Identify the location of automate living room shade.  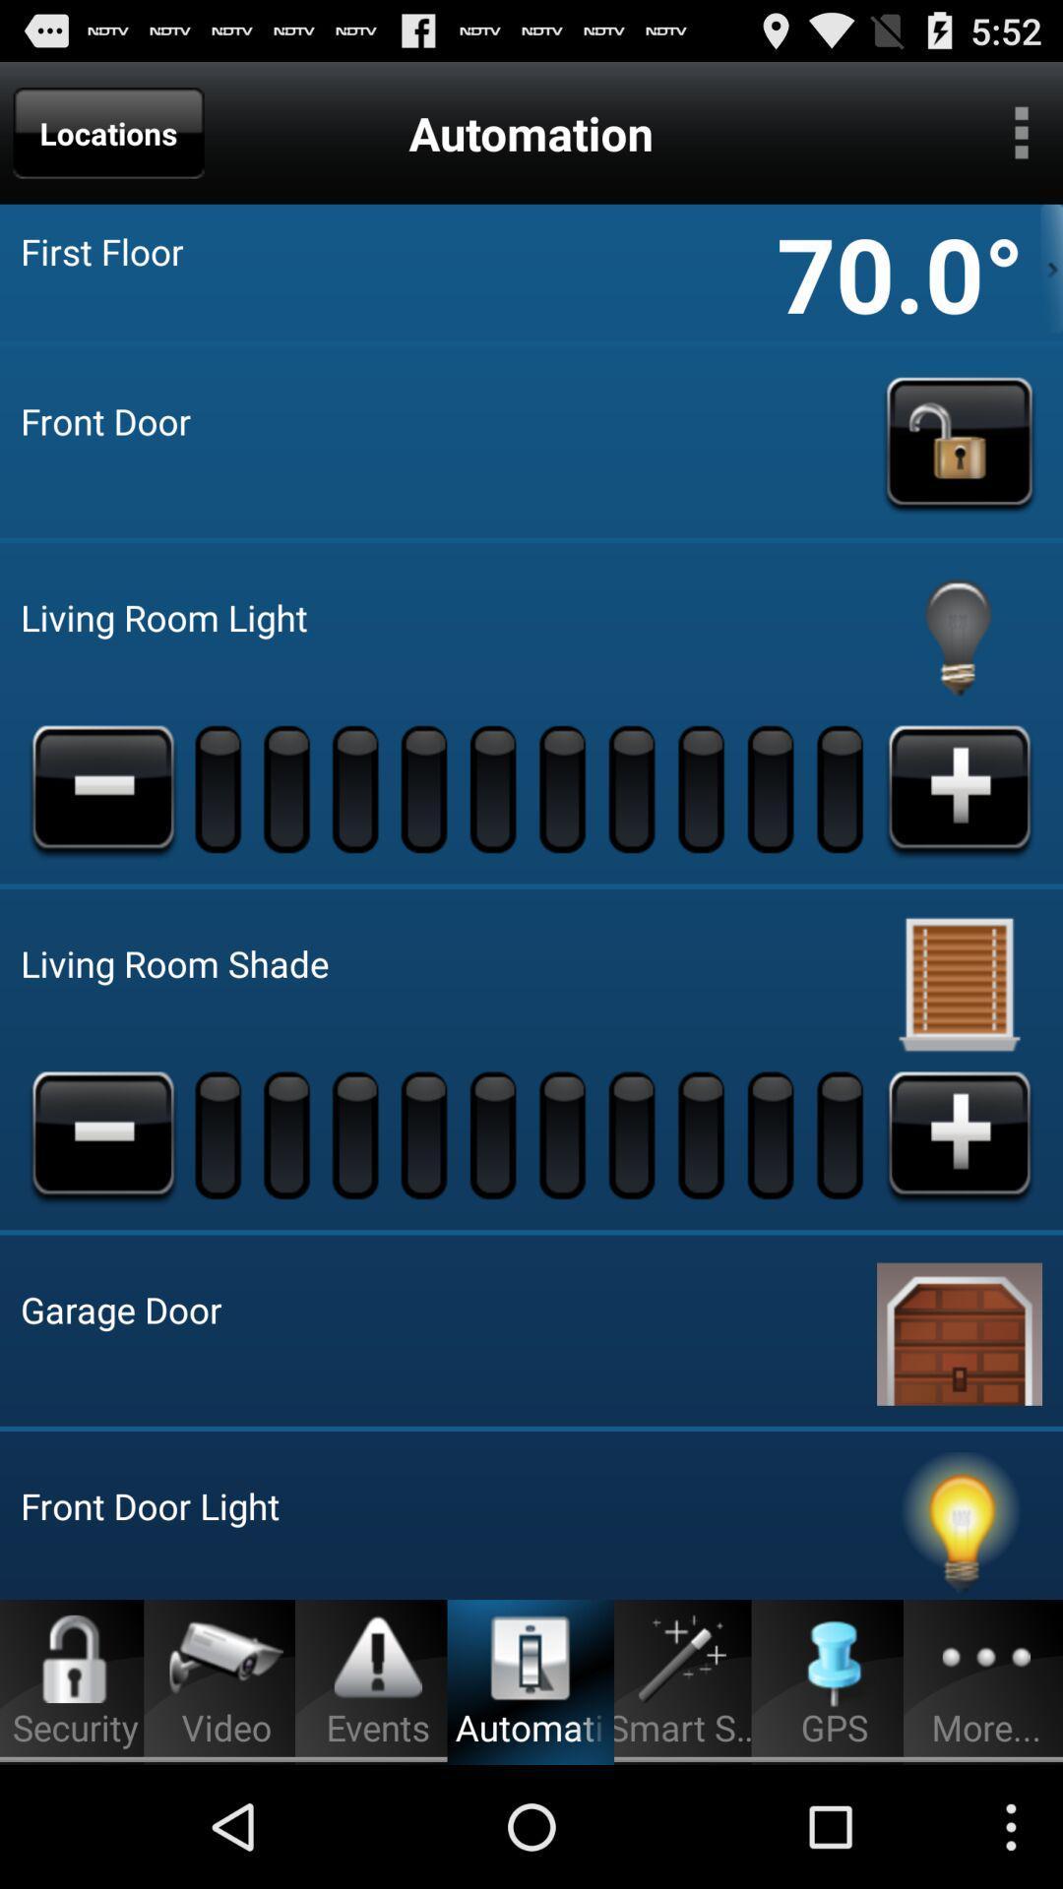
(959, 984).